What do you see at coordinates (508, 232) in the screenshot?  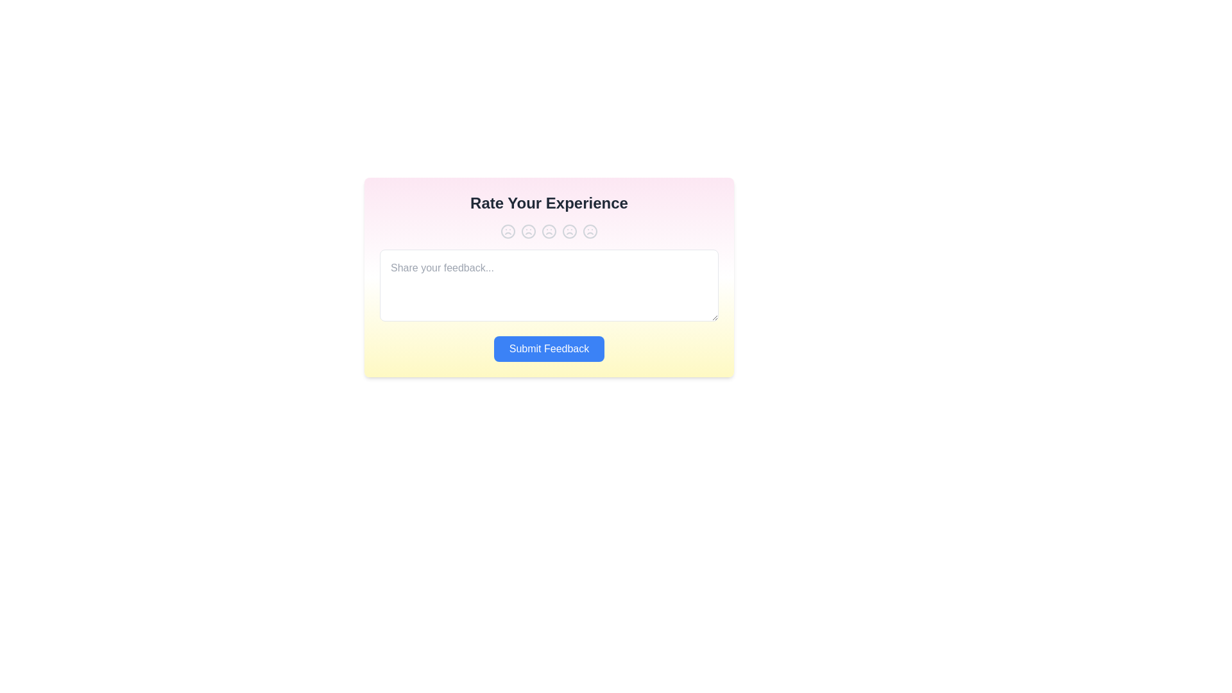 I see `the experience rating to 1 by clicking the corresponding button` at bounding box center [508, 232].